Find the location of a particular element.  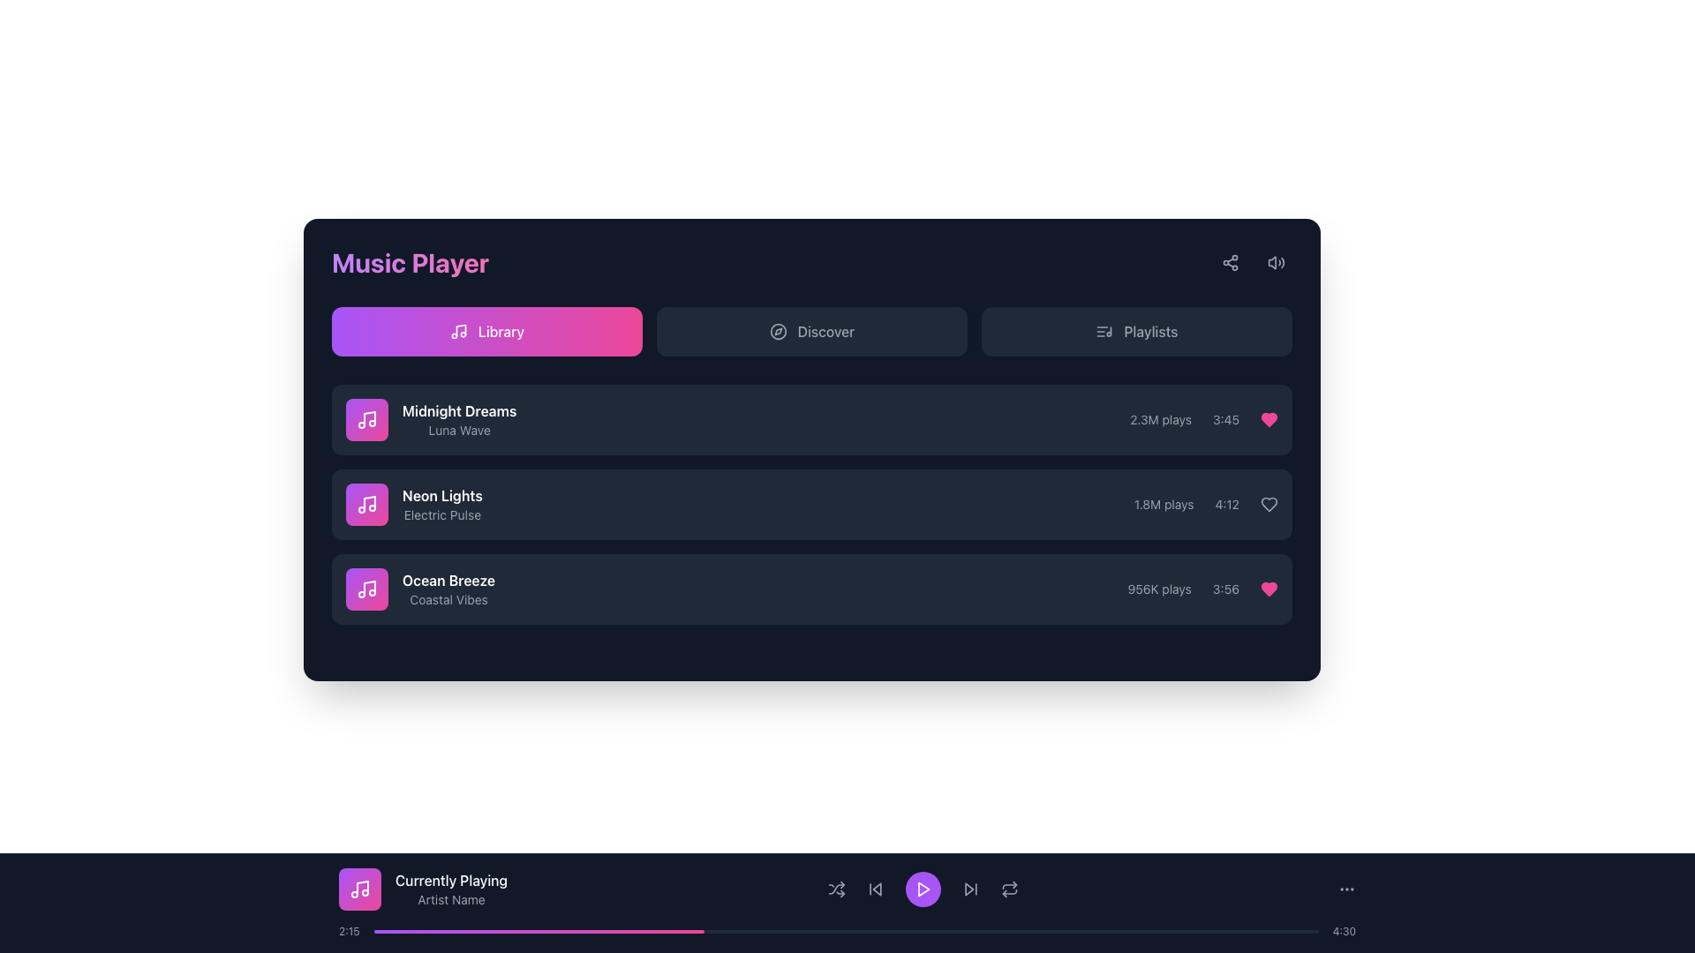

the leftmost segment of the gray progress bar, which is a horizontal bar filled with a gradient transitioning from purple to pink, representing 35% completion is located at coordinates (538, 931).